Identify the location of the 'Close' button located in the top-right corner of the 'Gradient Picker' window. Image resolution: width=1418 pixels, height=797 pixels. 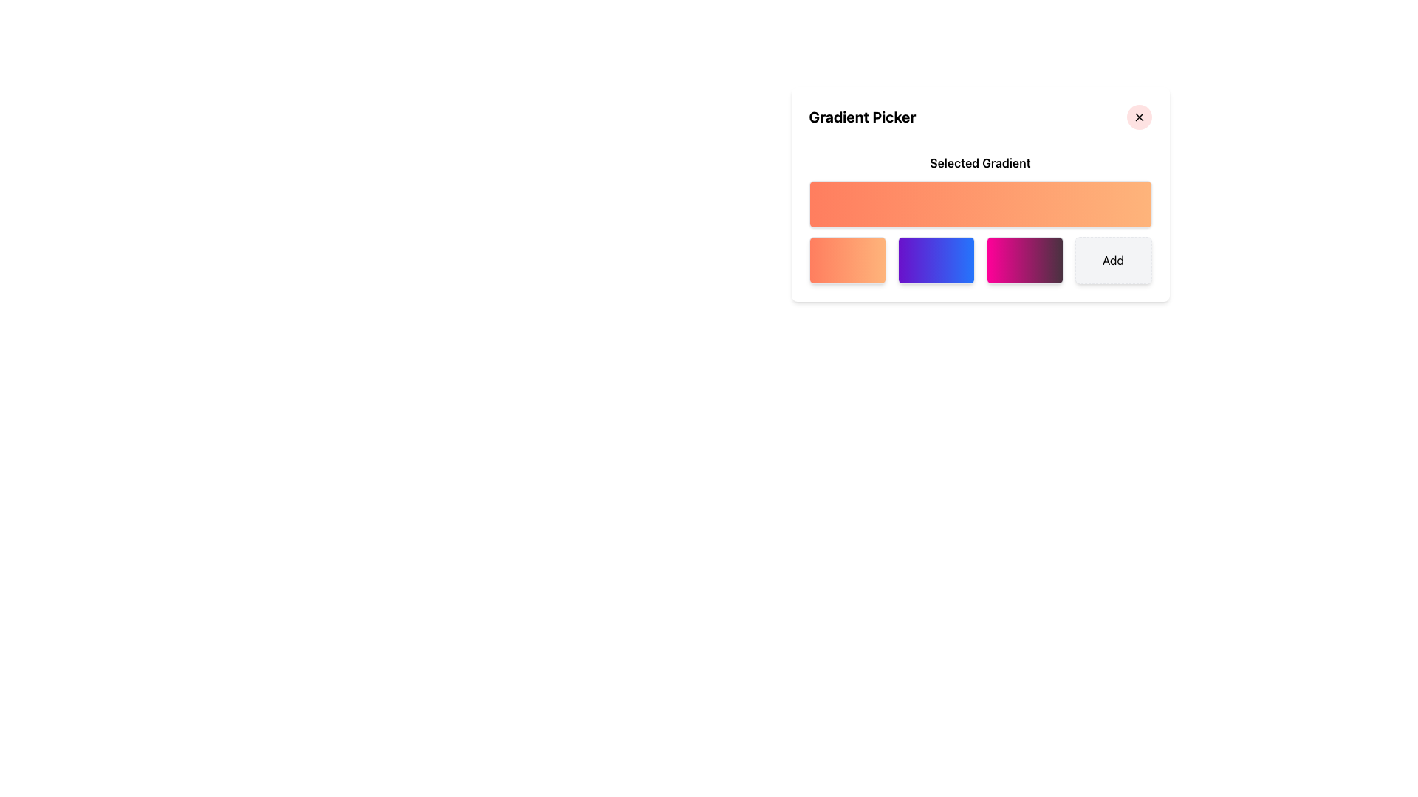
(1138, 116).